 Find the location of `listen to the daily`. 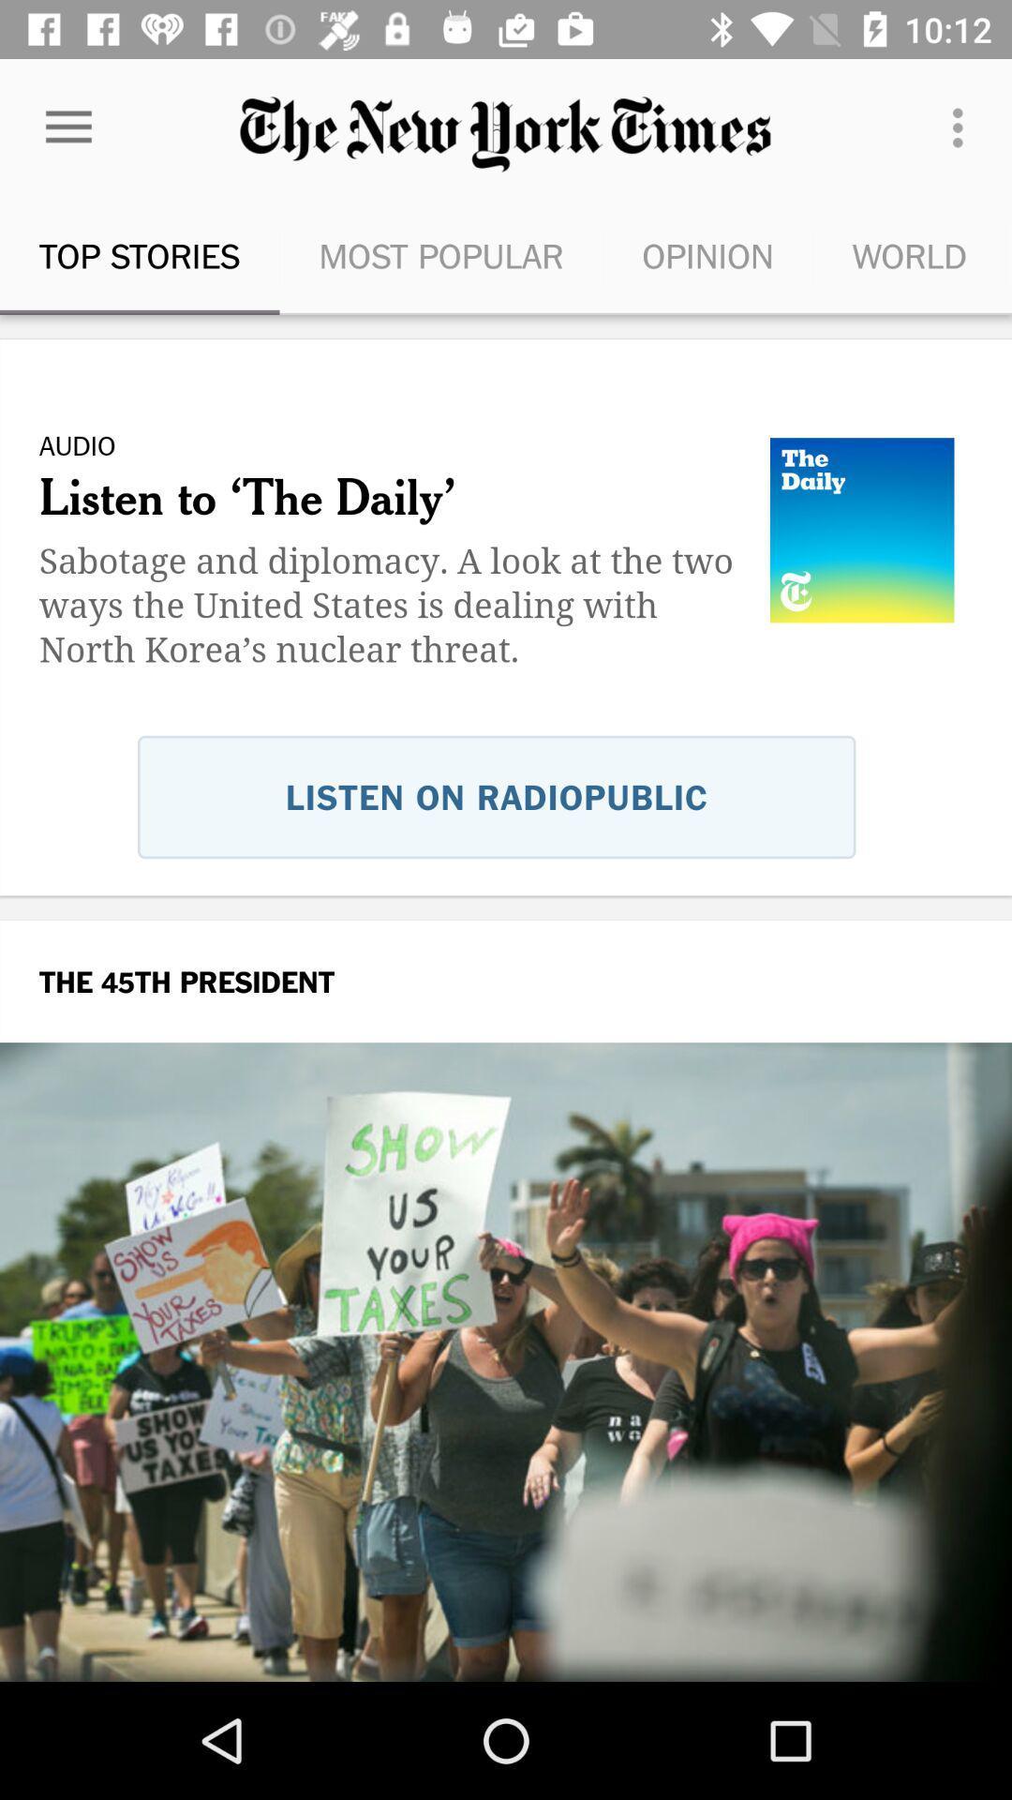

listen to the daily is located at coordinates (506, 662).